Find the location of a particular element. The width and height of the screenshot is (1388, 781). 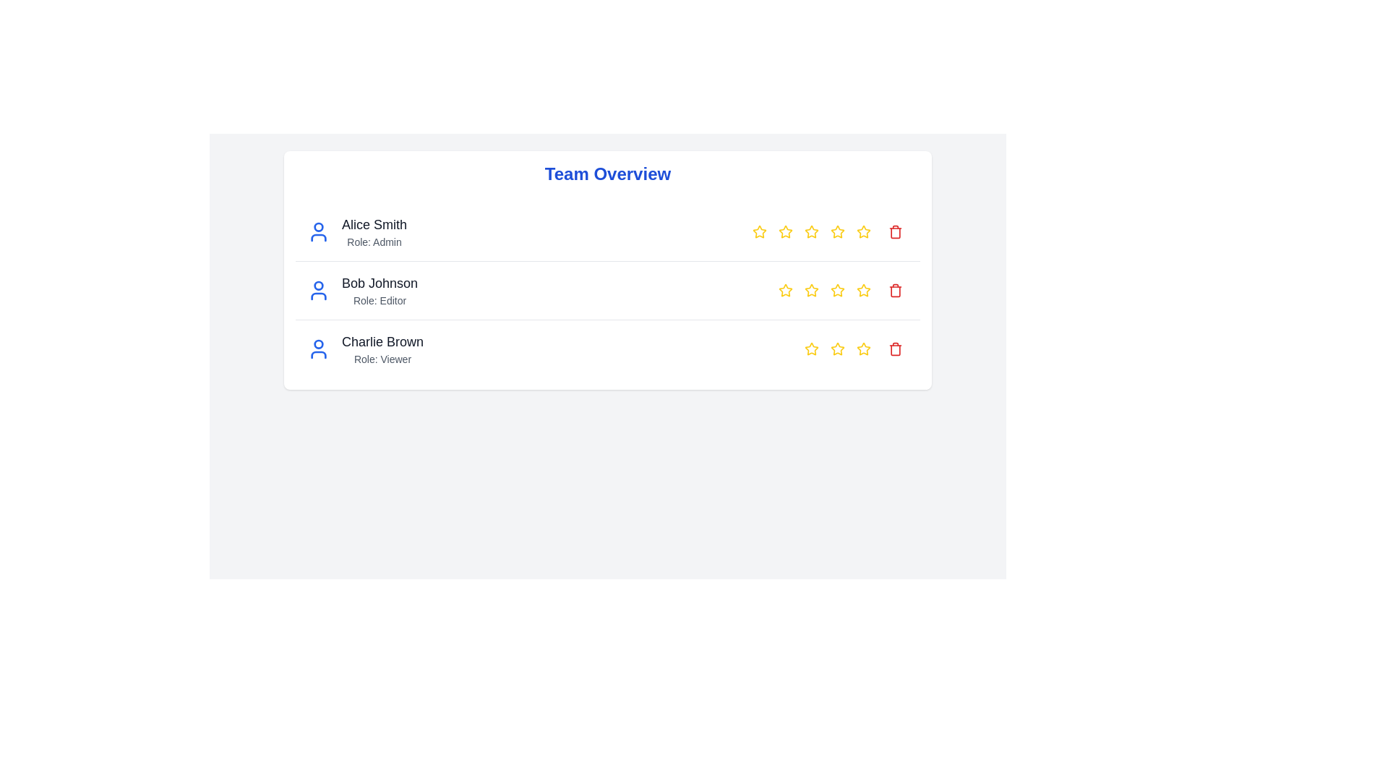

the trash can button icon, which is the rightmost element in the first row of the user list under 'Team Overview', corresponding to 'Alice Smith' is located at coordinates (894, 231).